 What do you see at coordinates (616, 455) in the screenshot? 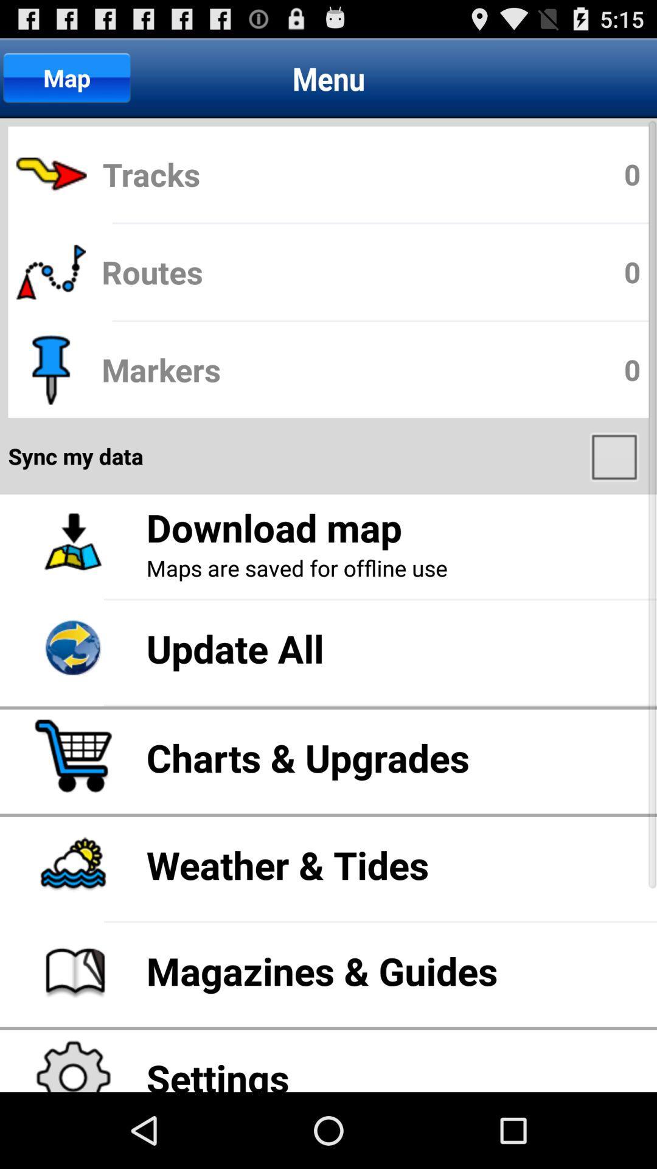
I see `upload data` at bounding box center [616, 455].